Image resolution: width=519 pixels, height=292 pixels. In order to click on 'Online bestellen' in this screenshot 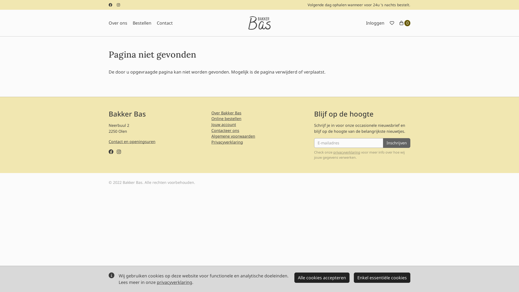, I will do `click(226, 118)`.